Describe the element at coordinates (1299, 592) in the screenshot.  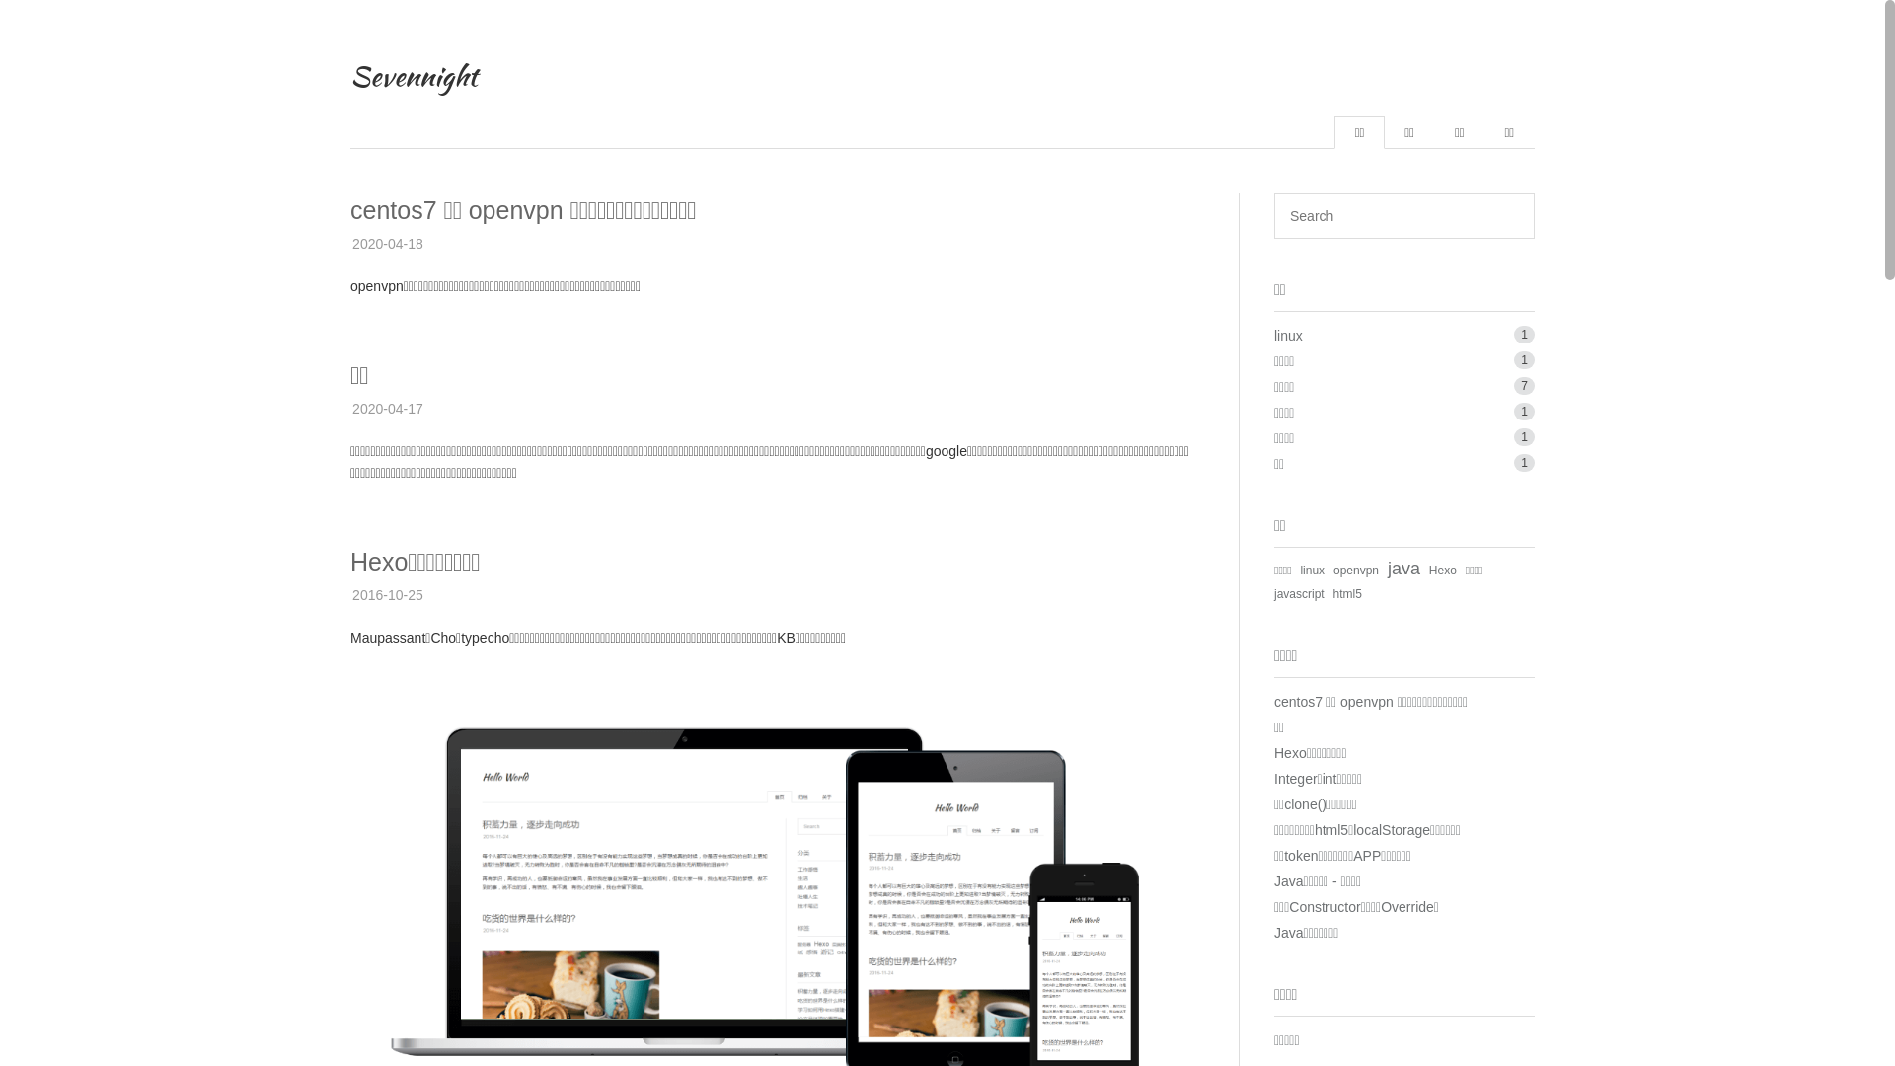
I see `'javascript'` at that location.